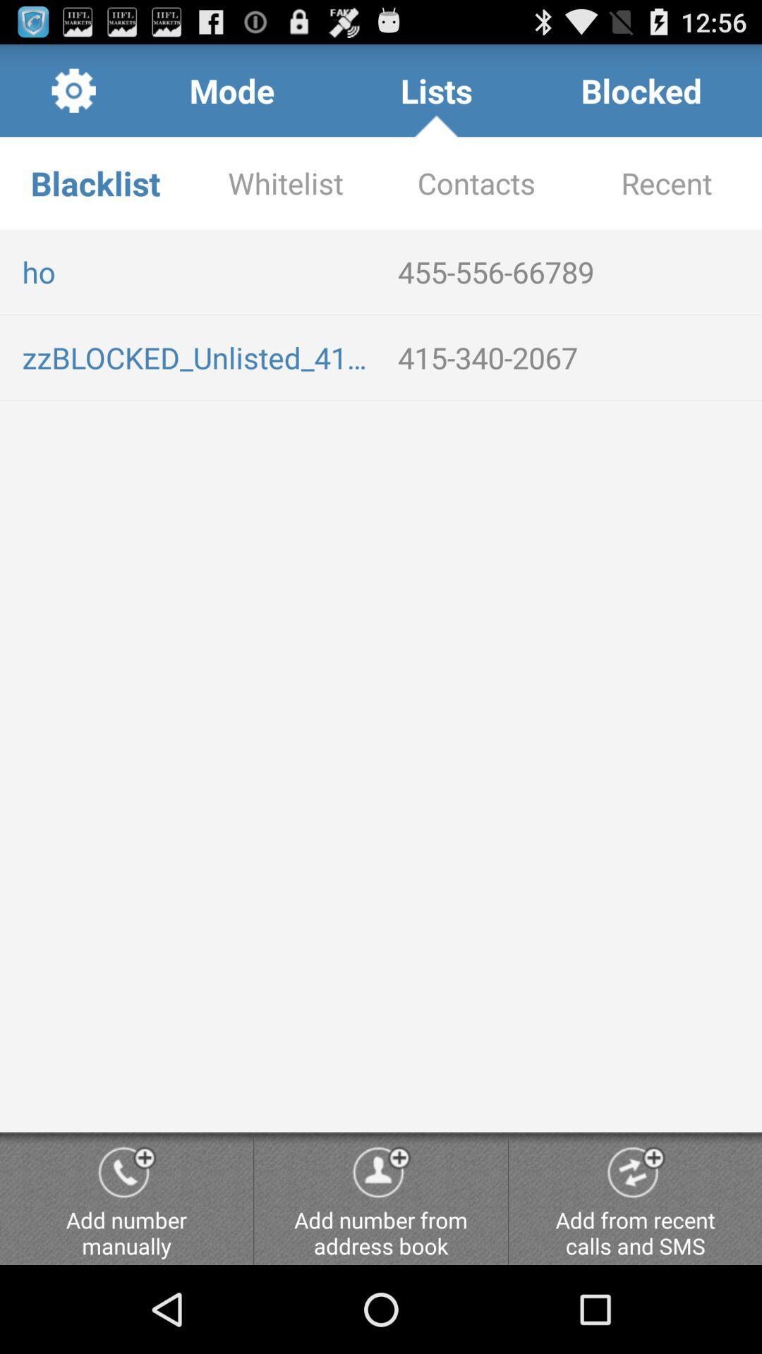 The height and width of the screenshot is (1354, 762). I want to click on the item next to blacklist app, so click(286, 182).